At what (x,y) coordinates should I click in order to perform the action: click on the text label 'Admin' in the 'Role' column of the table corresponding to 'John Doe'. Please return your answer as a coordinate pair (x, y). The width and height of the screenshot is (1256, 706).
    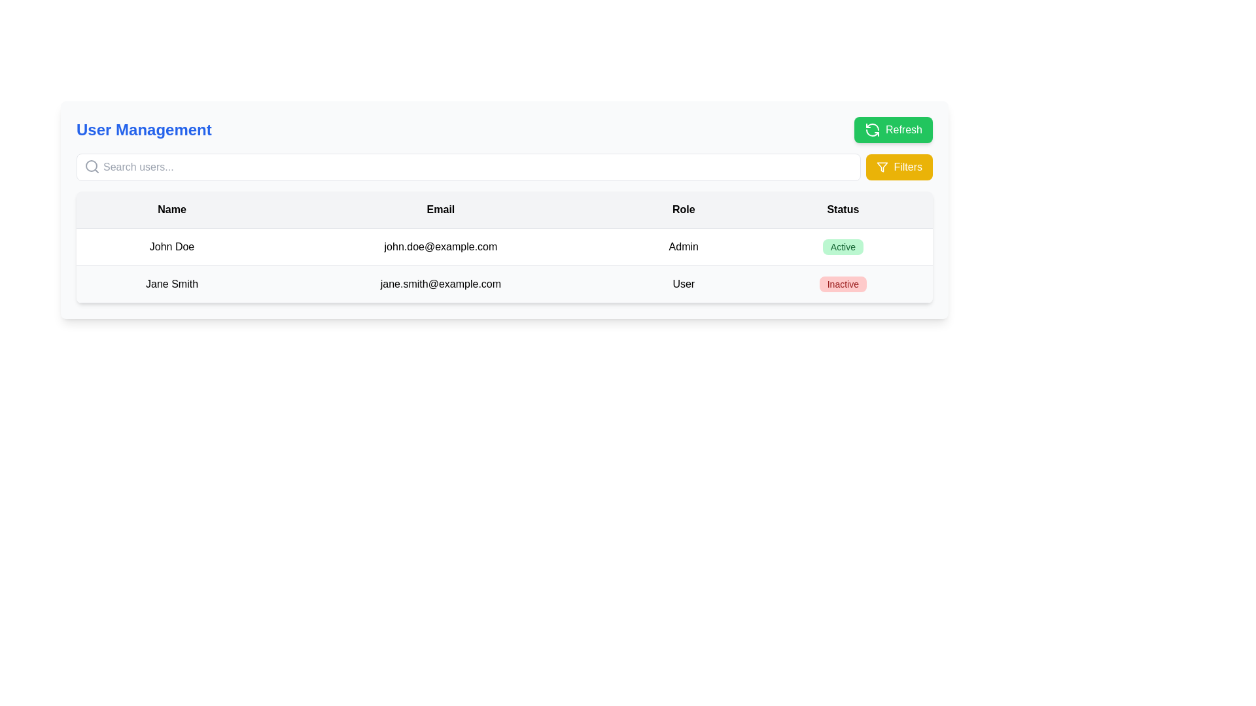
    Looking at the image, I should click on (683, 247).